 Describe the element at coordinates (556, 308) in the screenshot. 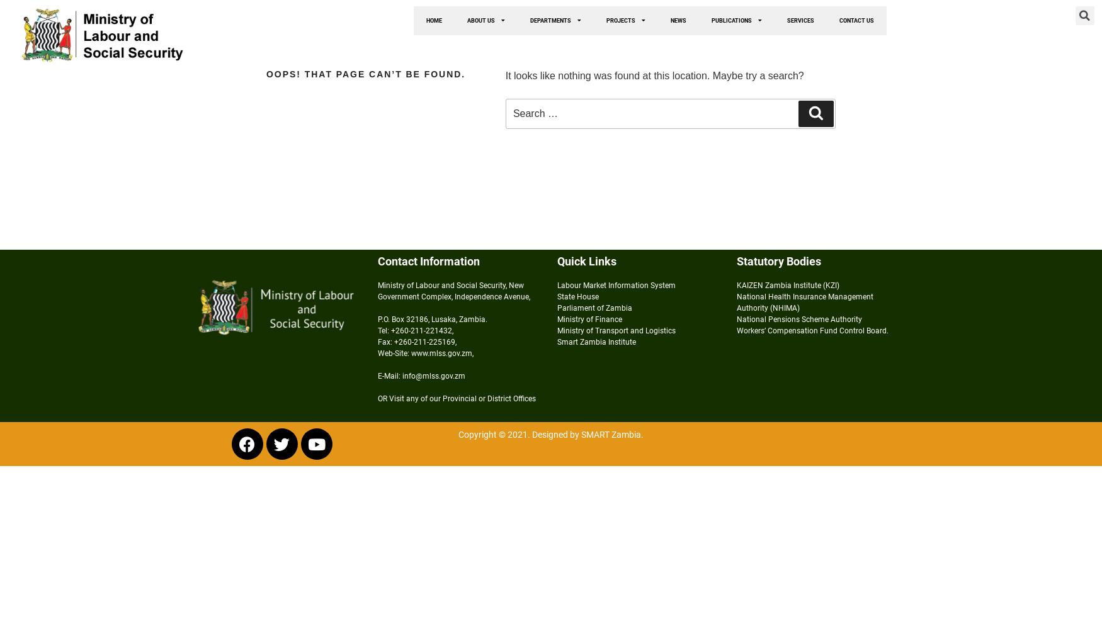

I see `'Parliament of Zambia'` at that location.